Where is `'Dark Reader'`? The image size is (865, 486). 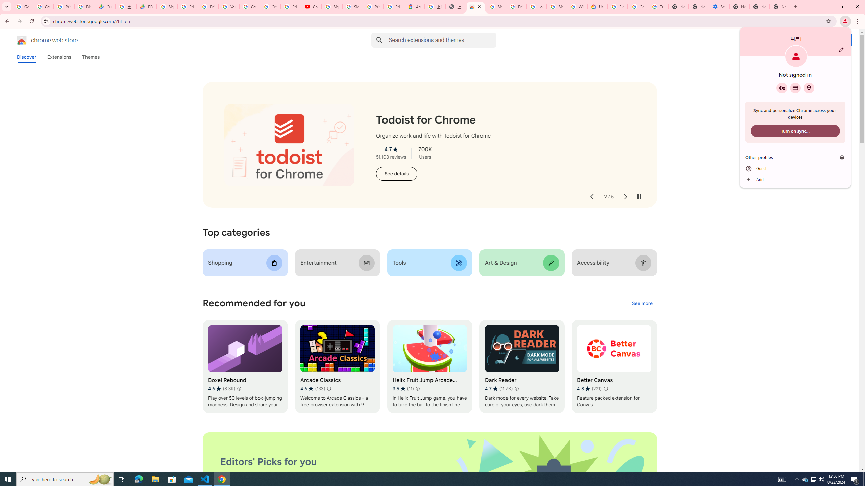 'Dark Reader' is located at coordinates (522, 366).